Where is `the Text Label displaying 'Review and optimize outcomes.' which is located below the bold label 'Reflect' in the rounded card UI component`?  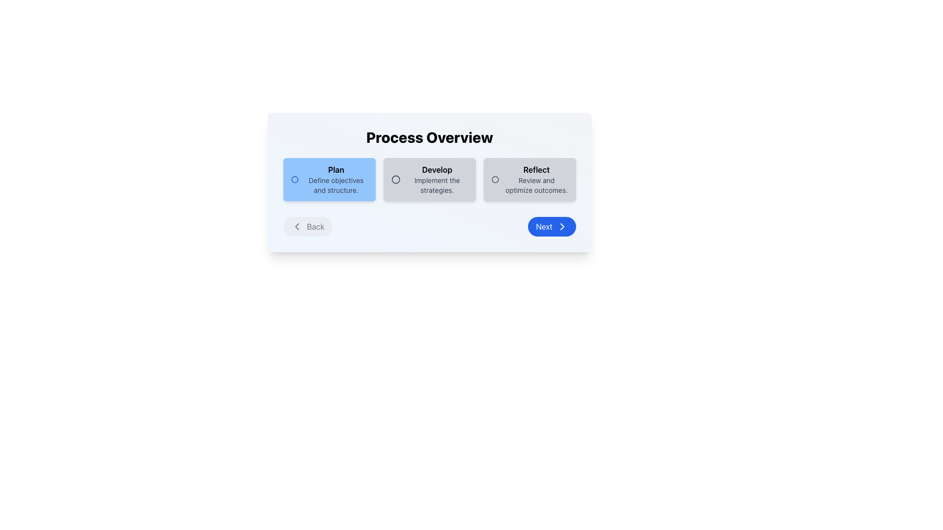 the Text Label displaying 'Review and optimize outcomes.' which is located below the bold label 'Reflect' in the rounded card UI component is located at coordinates (536, 185).